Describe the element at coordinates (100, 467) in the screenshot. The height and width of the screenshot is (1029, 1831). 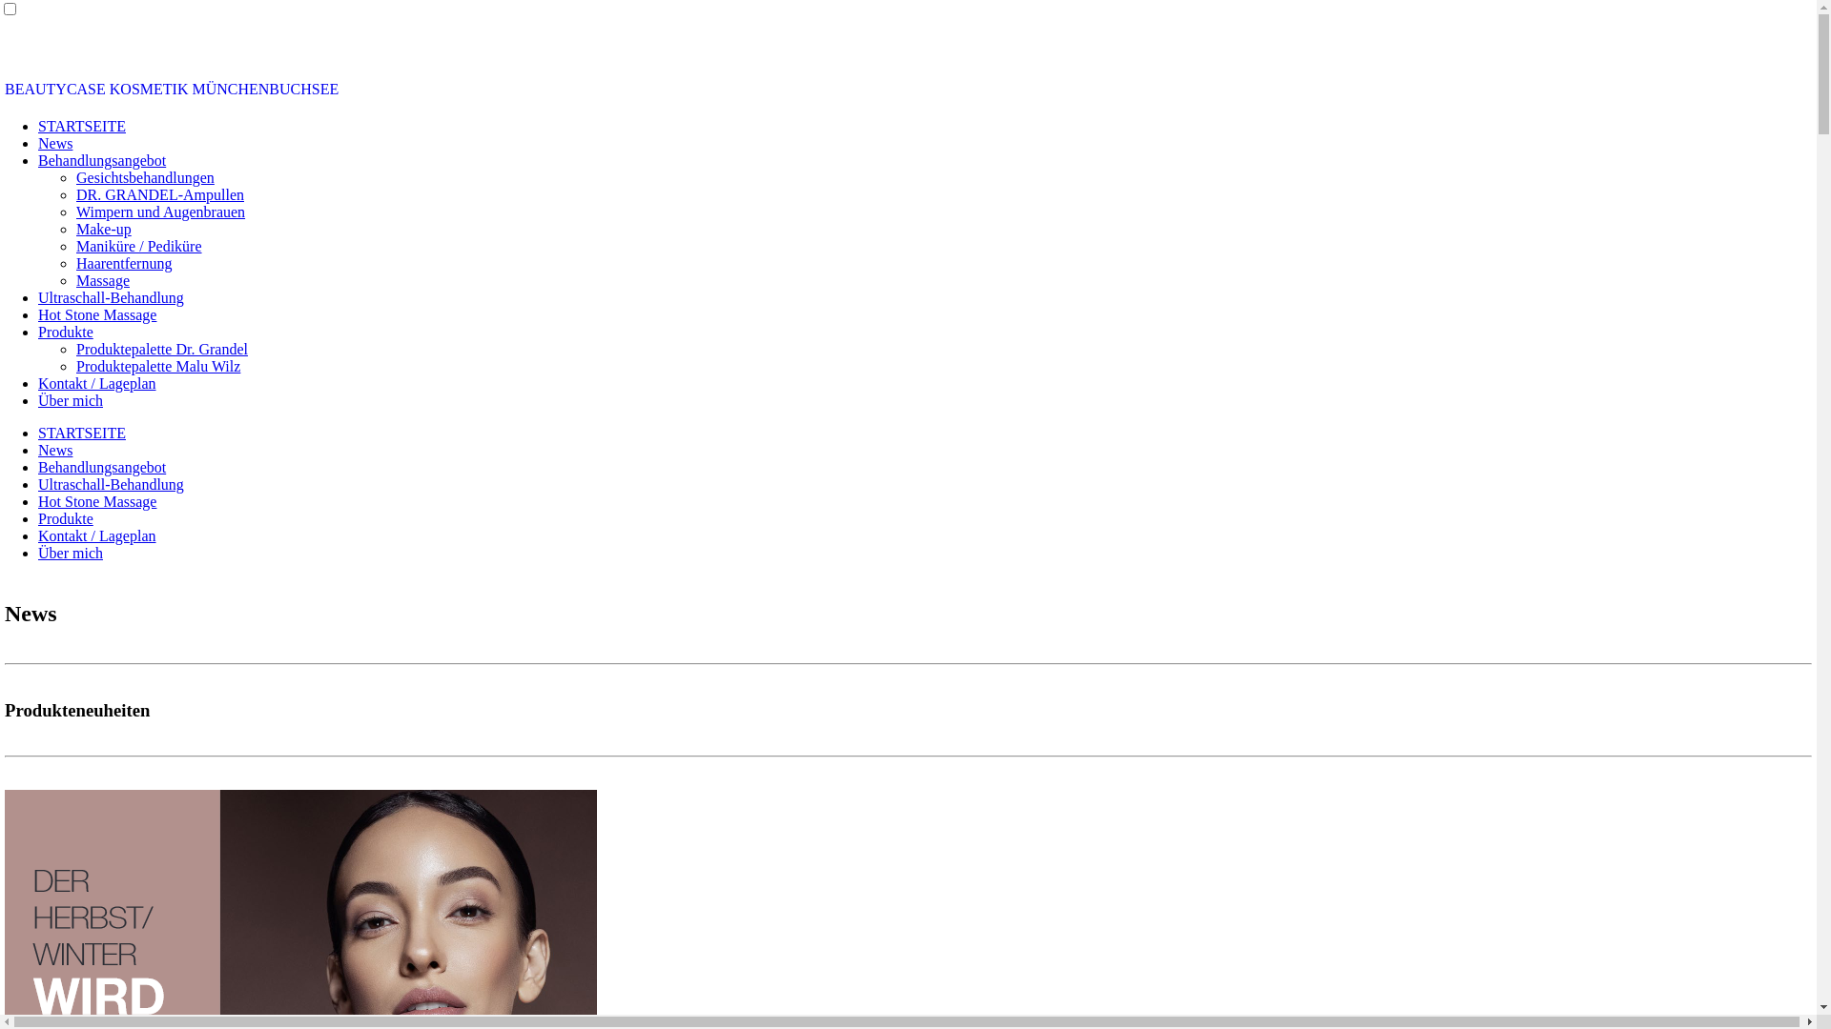
I see `'Behandlungsangebot'` at that location.